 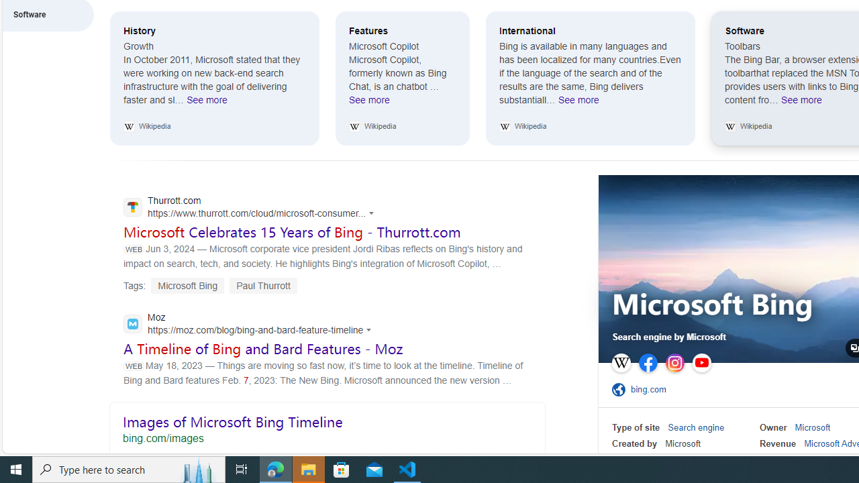 What do you see at coordinates (617, 390) in the screenshot?
I see `'Class: sp-ofsite'` at bounding box center [617, 390].